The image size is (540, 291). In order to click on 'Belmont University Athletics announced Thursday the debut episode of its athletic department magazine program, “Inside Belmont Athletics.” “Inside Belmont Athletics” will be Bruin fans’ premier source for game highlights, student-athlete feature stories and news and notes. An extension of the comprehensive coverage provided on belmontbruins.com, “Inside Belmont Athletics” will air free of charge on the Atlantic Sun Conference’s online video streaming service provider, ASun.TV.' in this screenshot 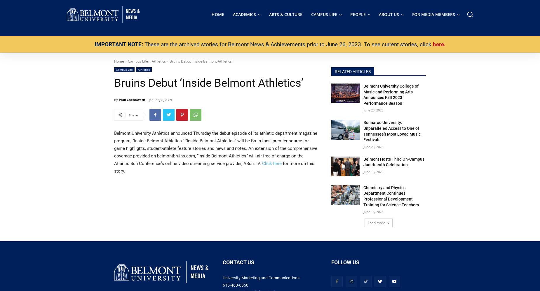, I will do `click(216, 148)`.